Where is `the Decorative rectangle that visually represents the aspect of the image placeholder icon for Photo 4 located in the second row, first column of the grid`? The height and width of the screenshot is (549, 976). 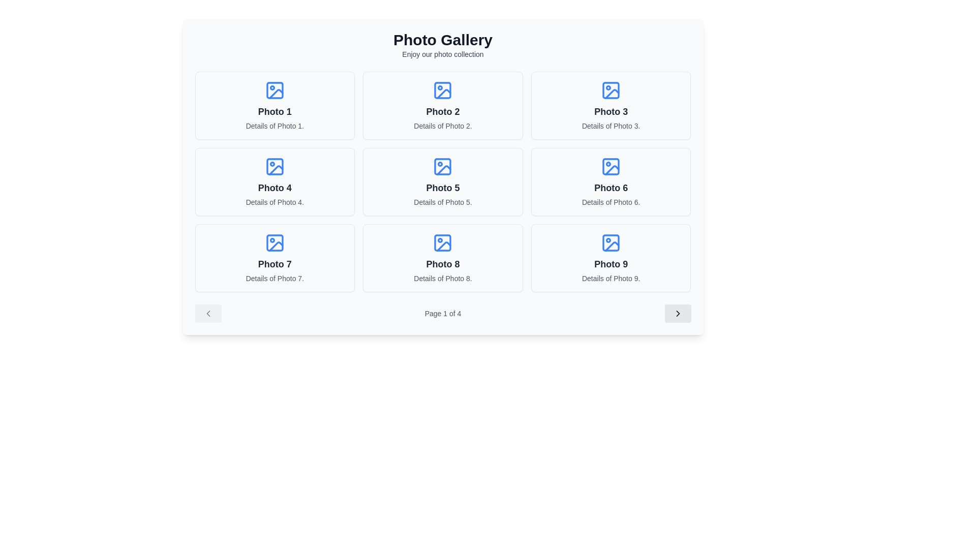 the Decorative rectangle that visually represents the aspect of the image placeholder icon for Photo 4 located in the second row, first column of the grid is located at coordinates (274, 166).